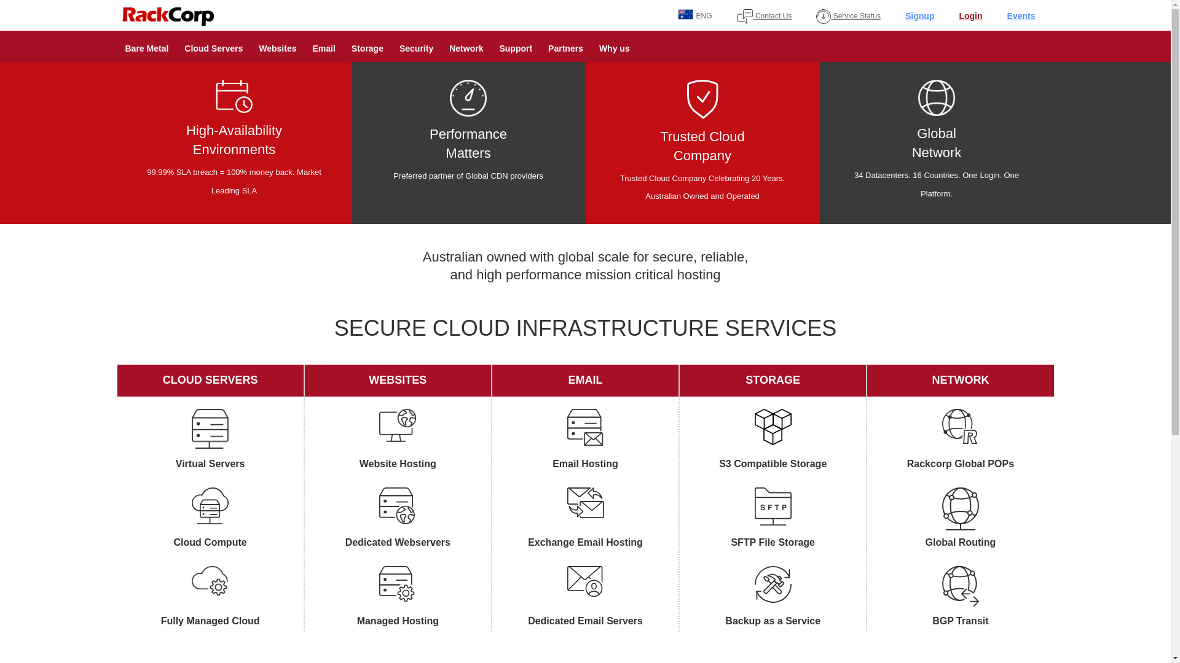  What do you see at coordinates (584, 438) in the screenshot?
I see `'Email Hosting'` at bounding box center [584, 438].